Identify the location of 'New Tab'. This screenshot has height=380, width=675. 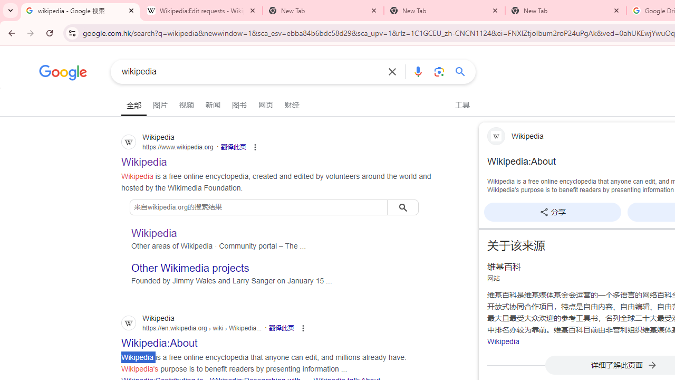
(565, 11).